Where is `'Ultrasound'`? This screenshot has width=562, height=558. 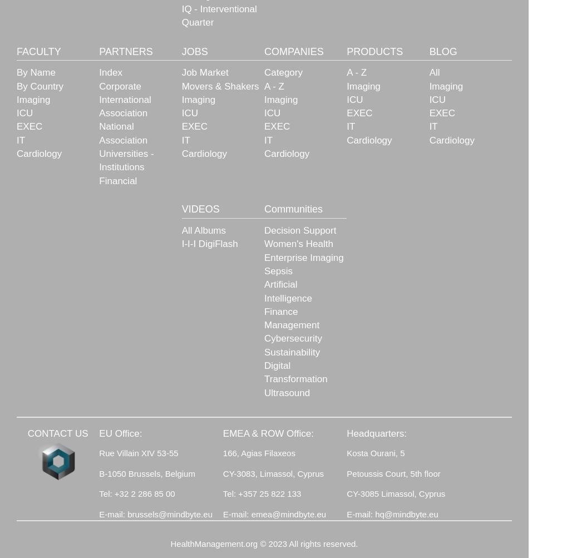
'Ultrasound' is located at coordinates (286, 392).